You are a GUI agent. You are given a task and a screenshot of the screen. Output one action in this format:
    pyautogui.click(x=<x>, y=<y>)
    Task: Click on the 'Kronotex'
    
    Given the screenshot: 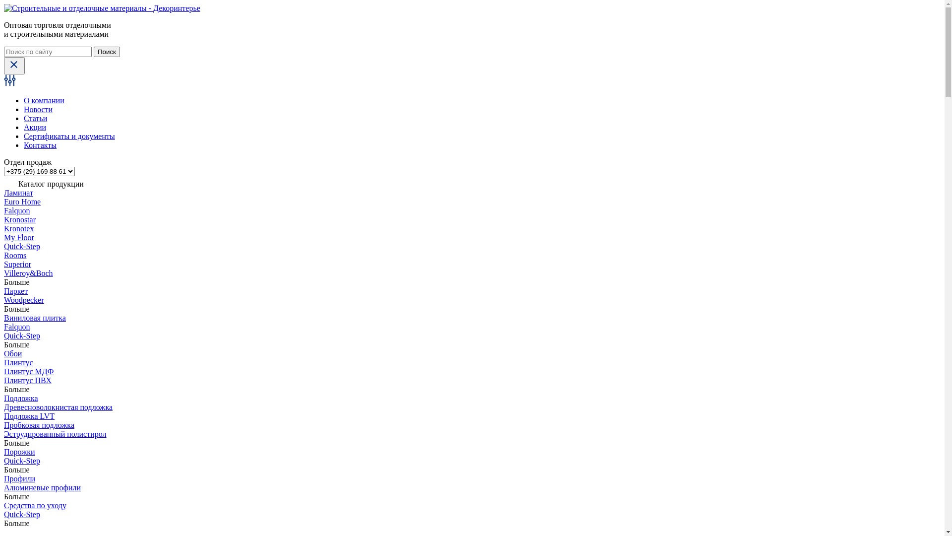 What is the action you would take?
    pyautogui.click(x=19, y=228)
    